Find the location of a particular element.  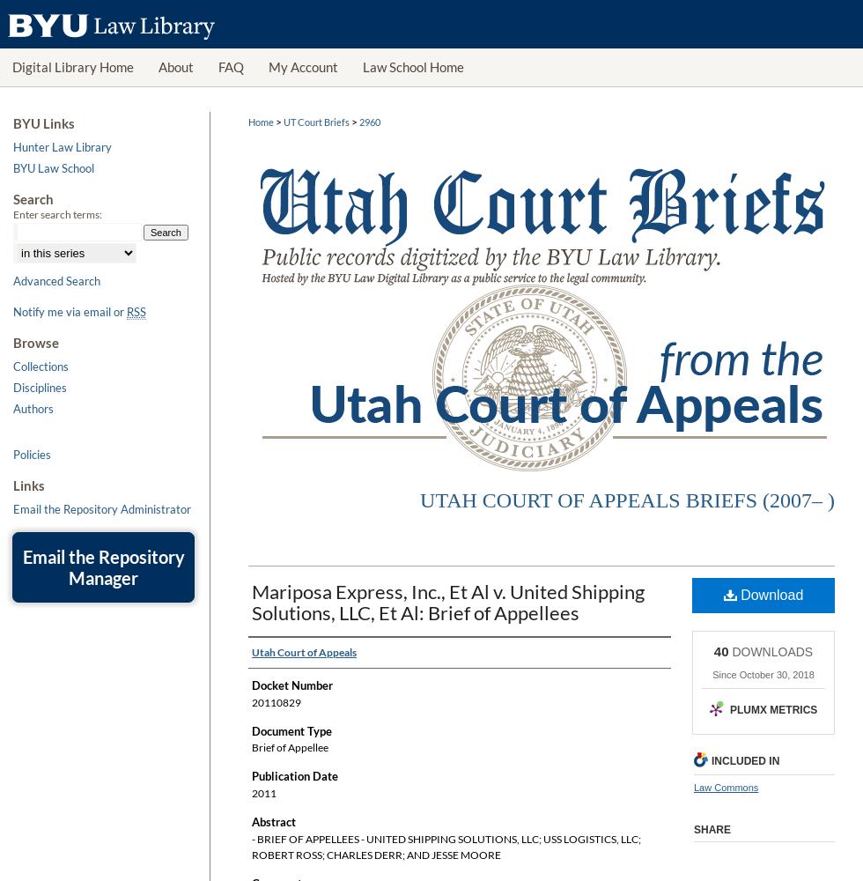

'2960' is located at coordinates (370, 122).